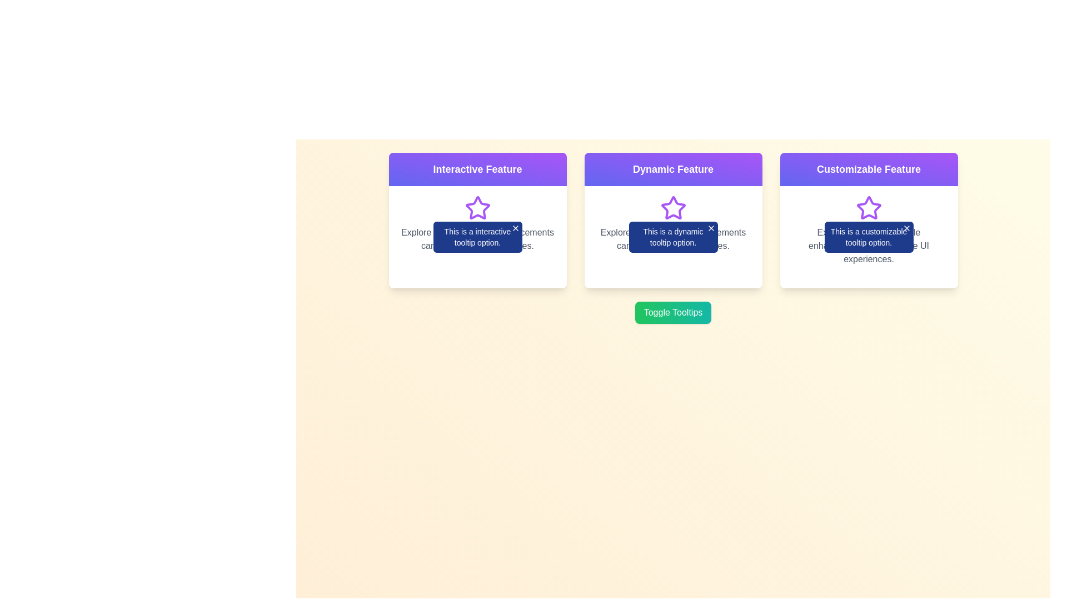  What do you see at coordinates (906, 228) in the screenshot?
I see `the close button located at the top-right corner of the tooltip within the 'Customizable Feature' section` at bounding box center [906, 228].